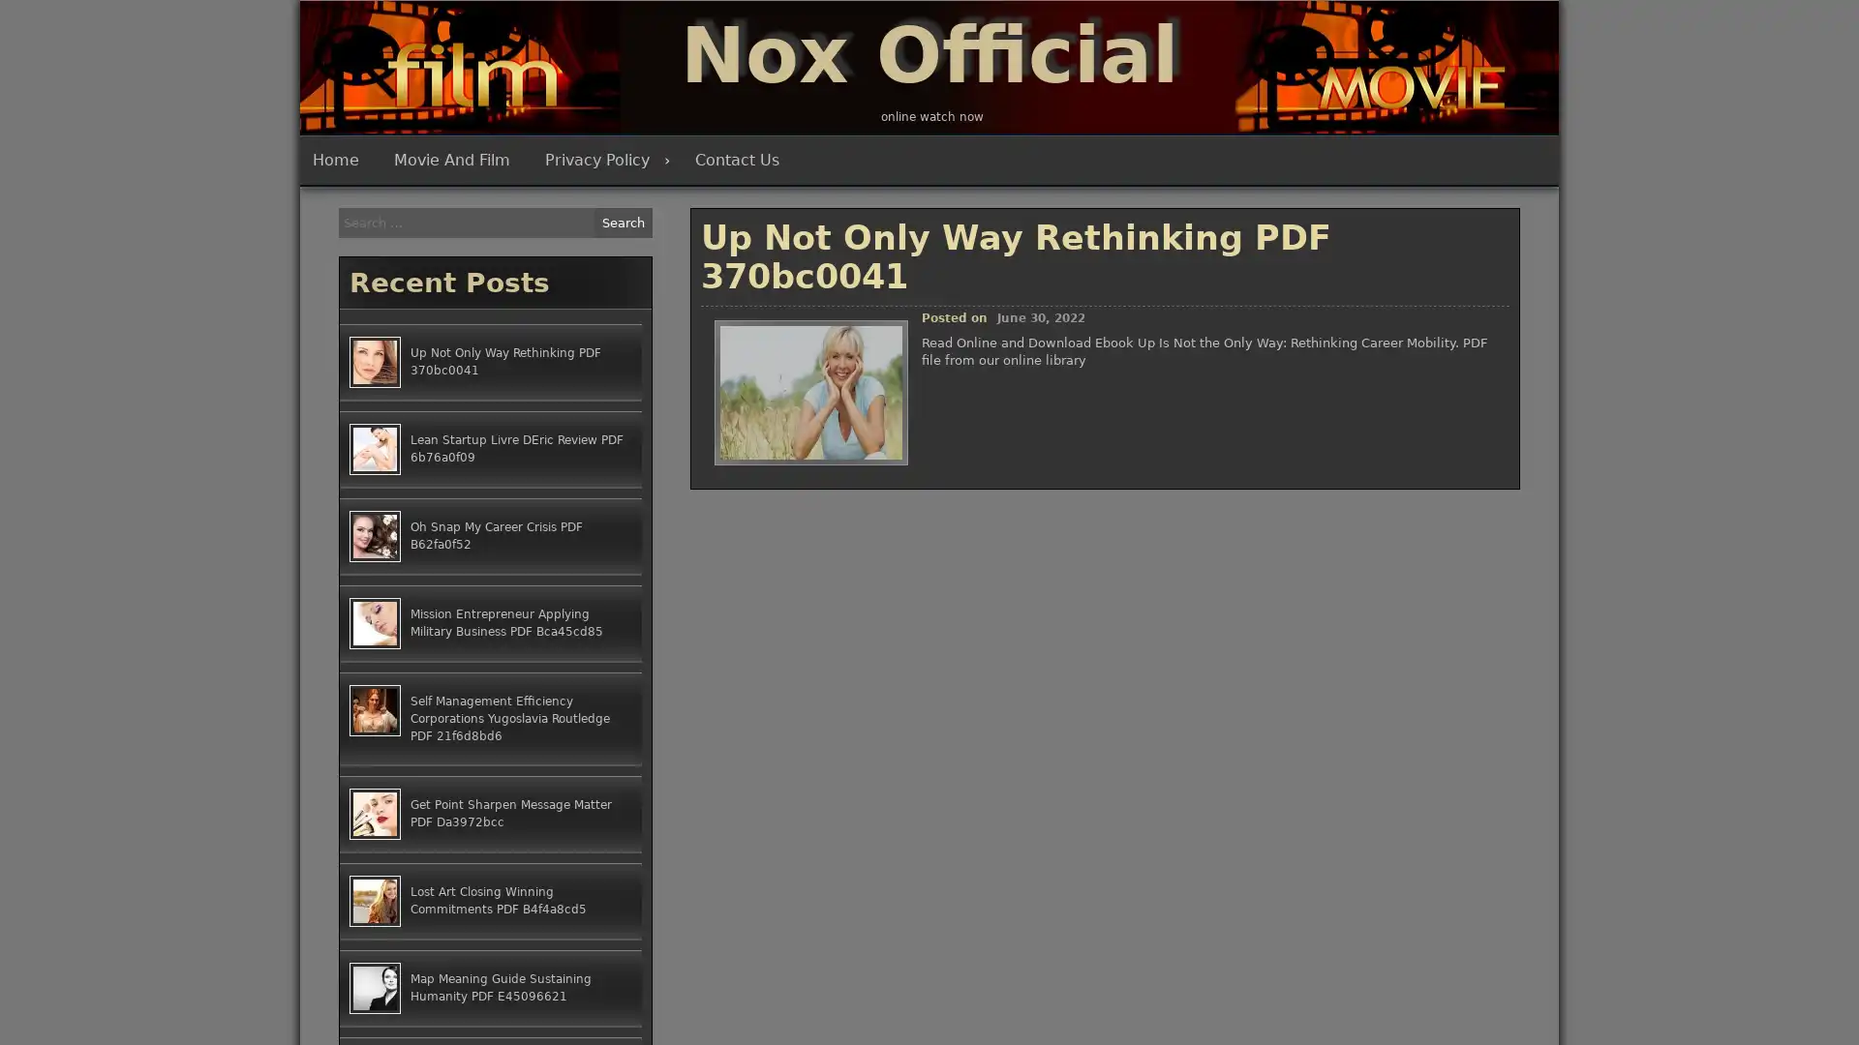 Image resolution: width=1859 pixels, height=1045 pixels. What do you see at coordinates (623, 222) in the screenshot?
I see `Search` at bounding box center [623, 222].